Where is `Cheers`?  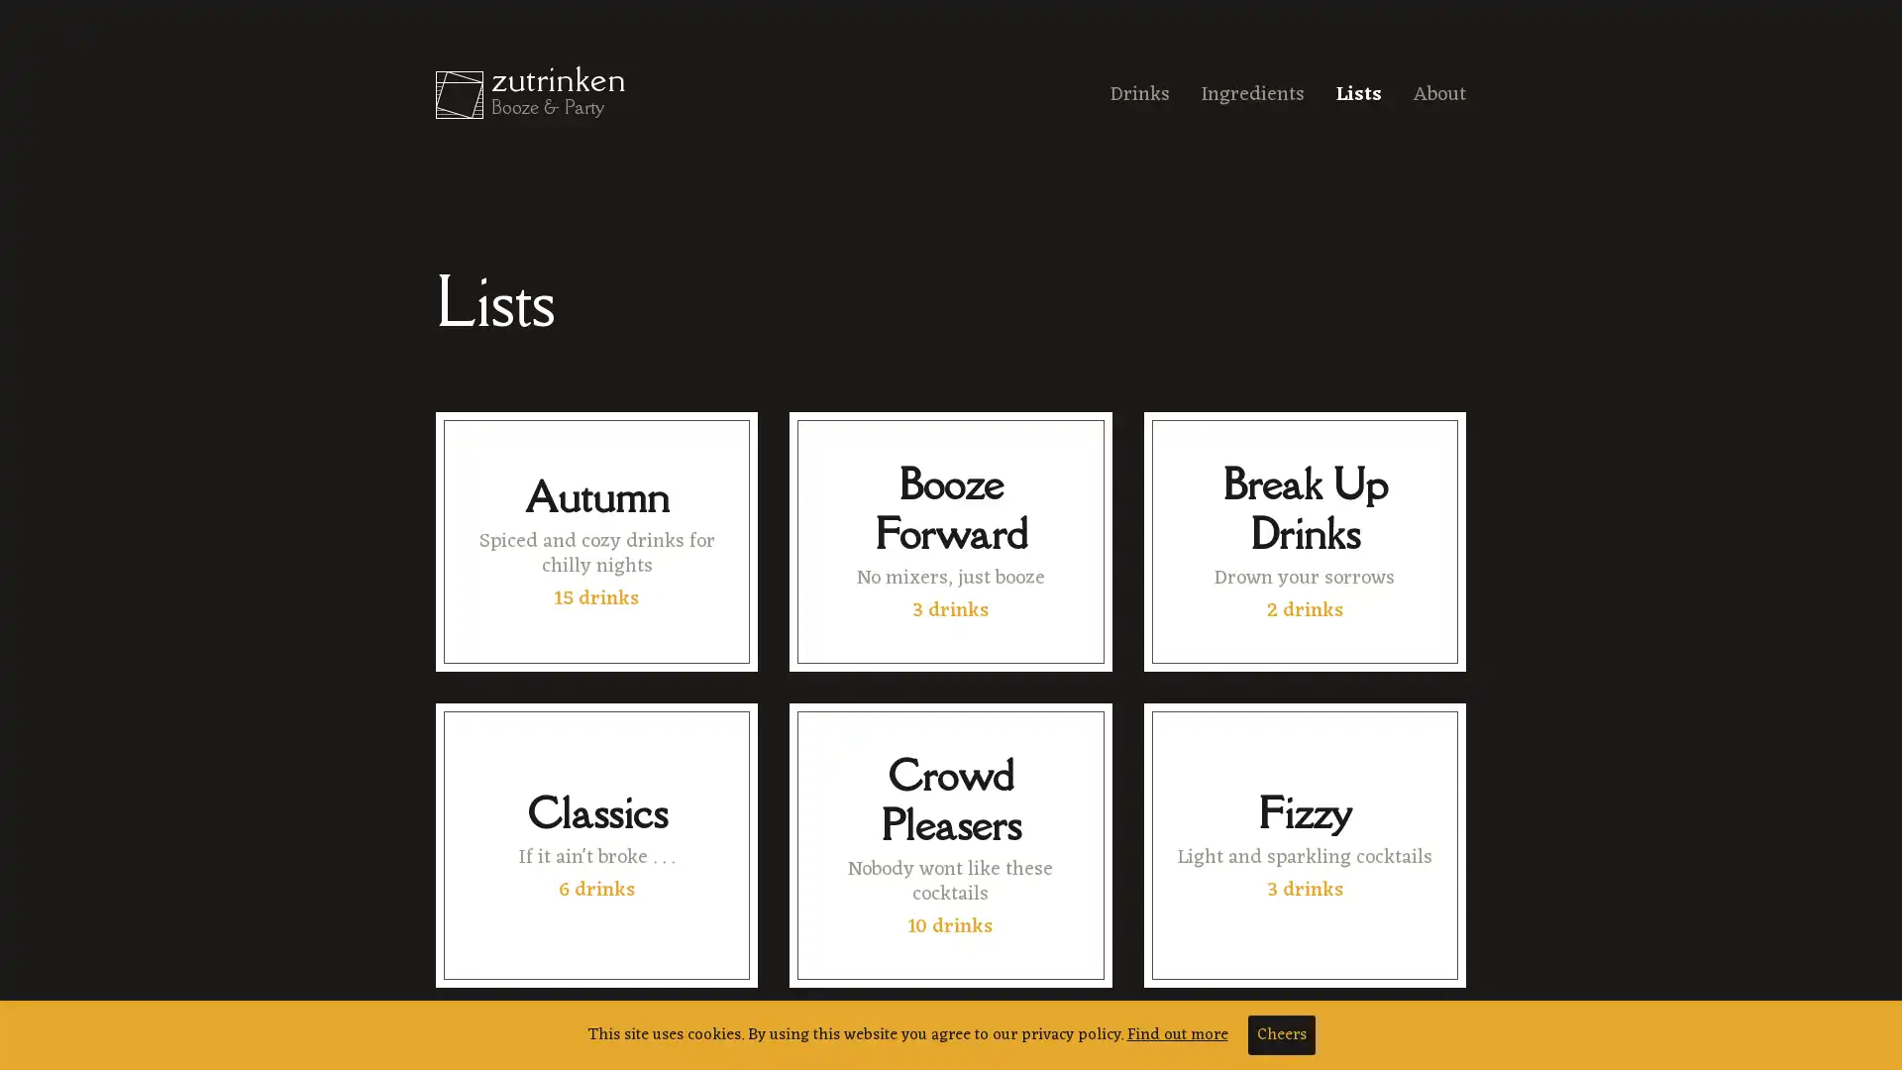 Cheers is located at coordinates (1280, 1034).